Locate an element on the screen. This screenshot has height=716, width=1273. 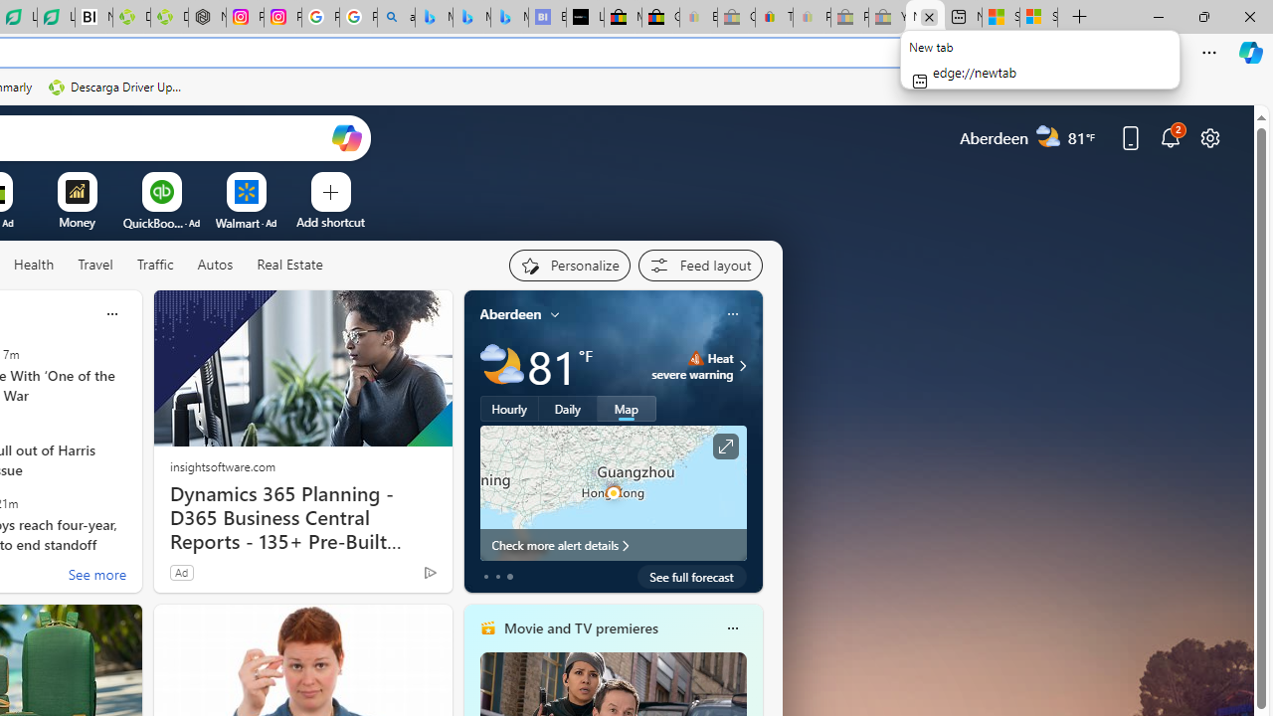
'Autos' is located at coordinates (215, 265).